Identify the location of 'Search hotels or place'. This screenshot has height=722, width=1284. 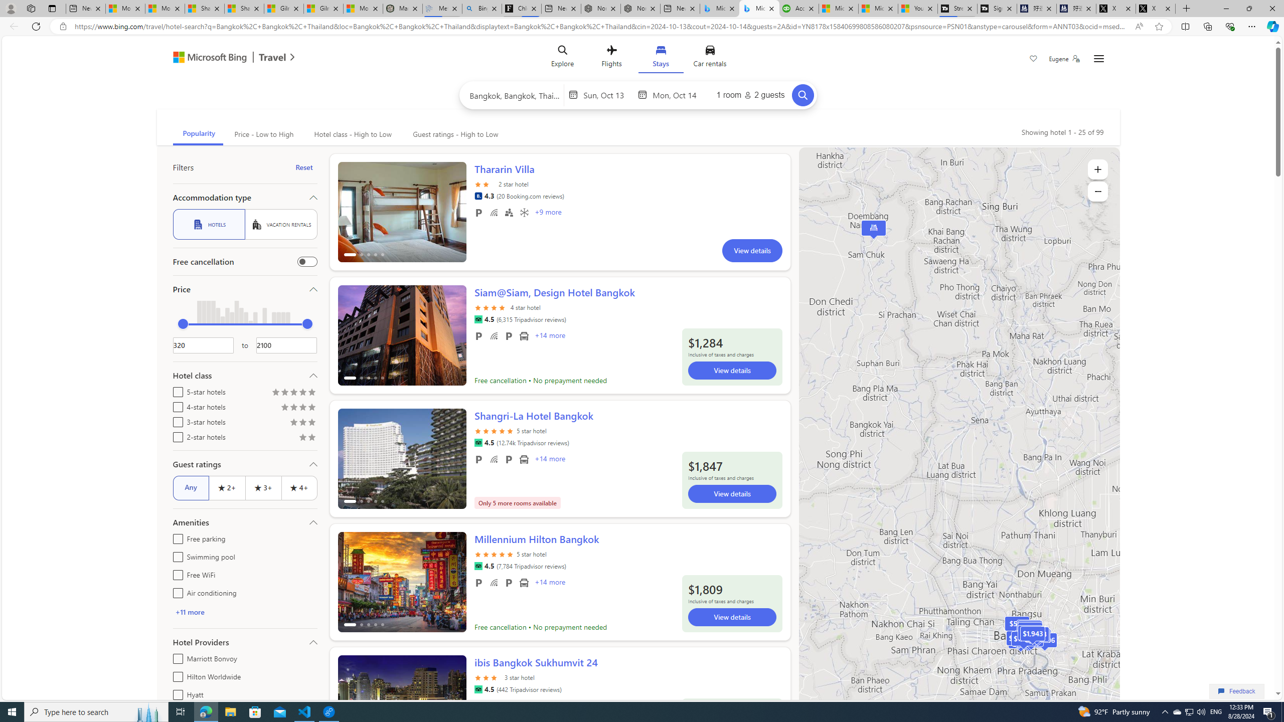
(515, 94).